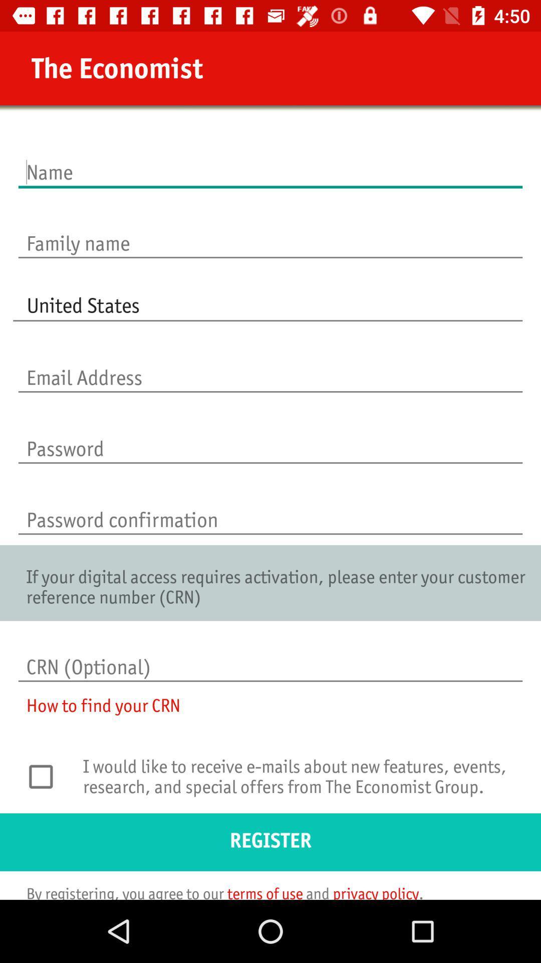 This screenshot has width=541, height=963. Describe the element at coordinates (300, 782) in the screenshot. I see `item above register` at that location.